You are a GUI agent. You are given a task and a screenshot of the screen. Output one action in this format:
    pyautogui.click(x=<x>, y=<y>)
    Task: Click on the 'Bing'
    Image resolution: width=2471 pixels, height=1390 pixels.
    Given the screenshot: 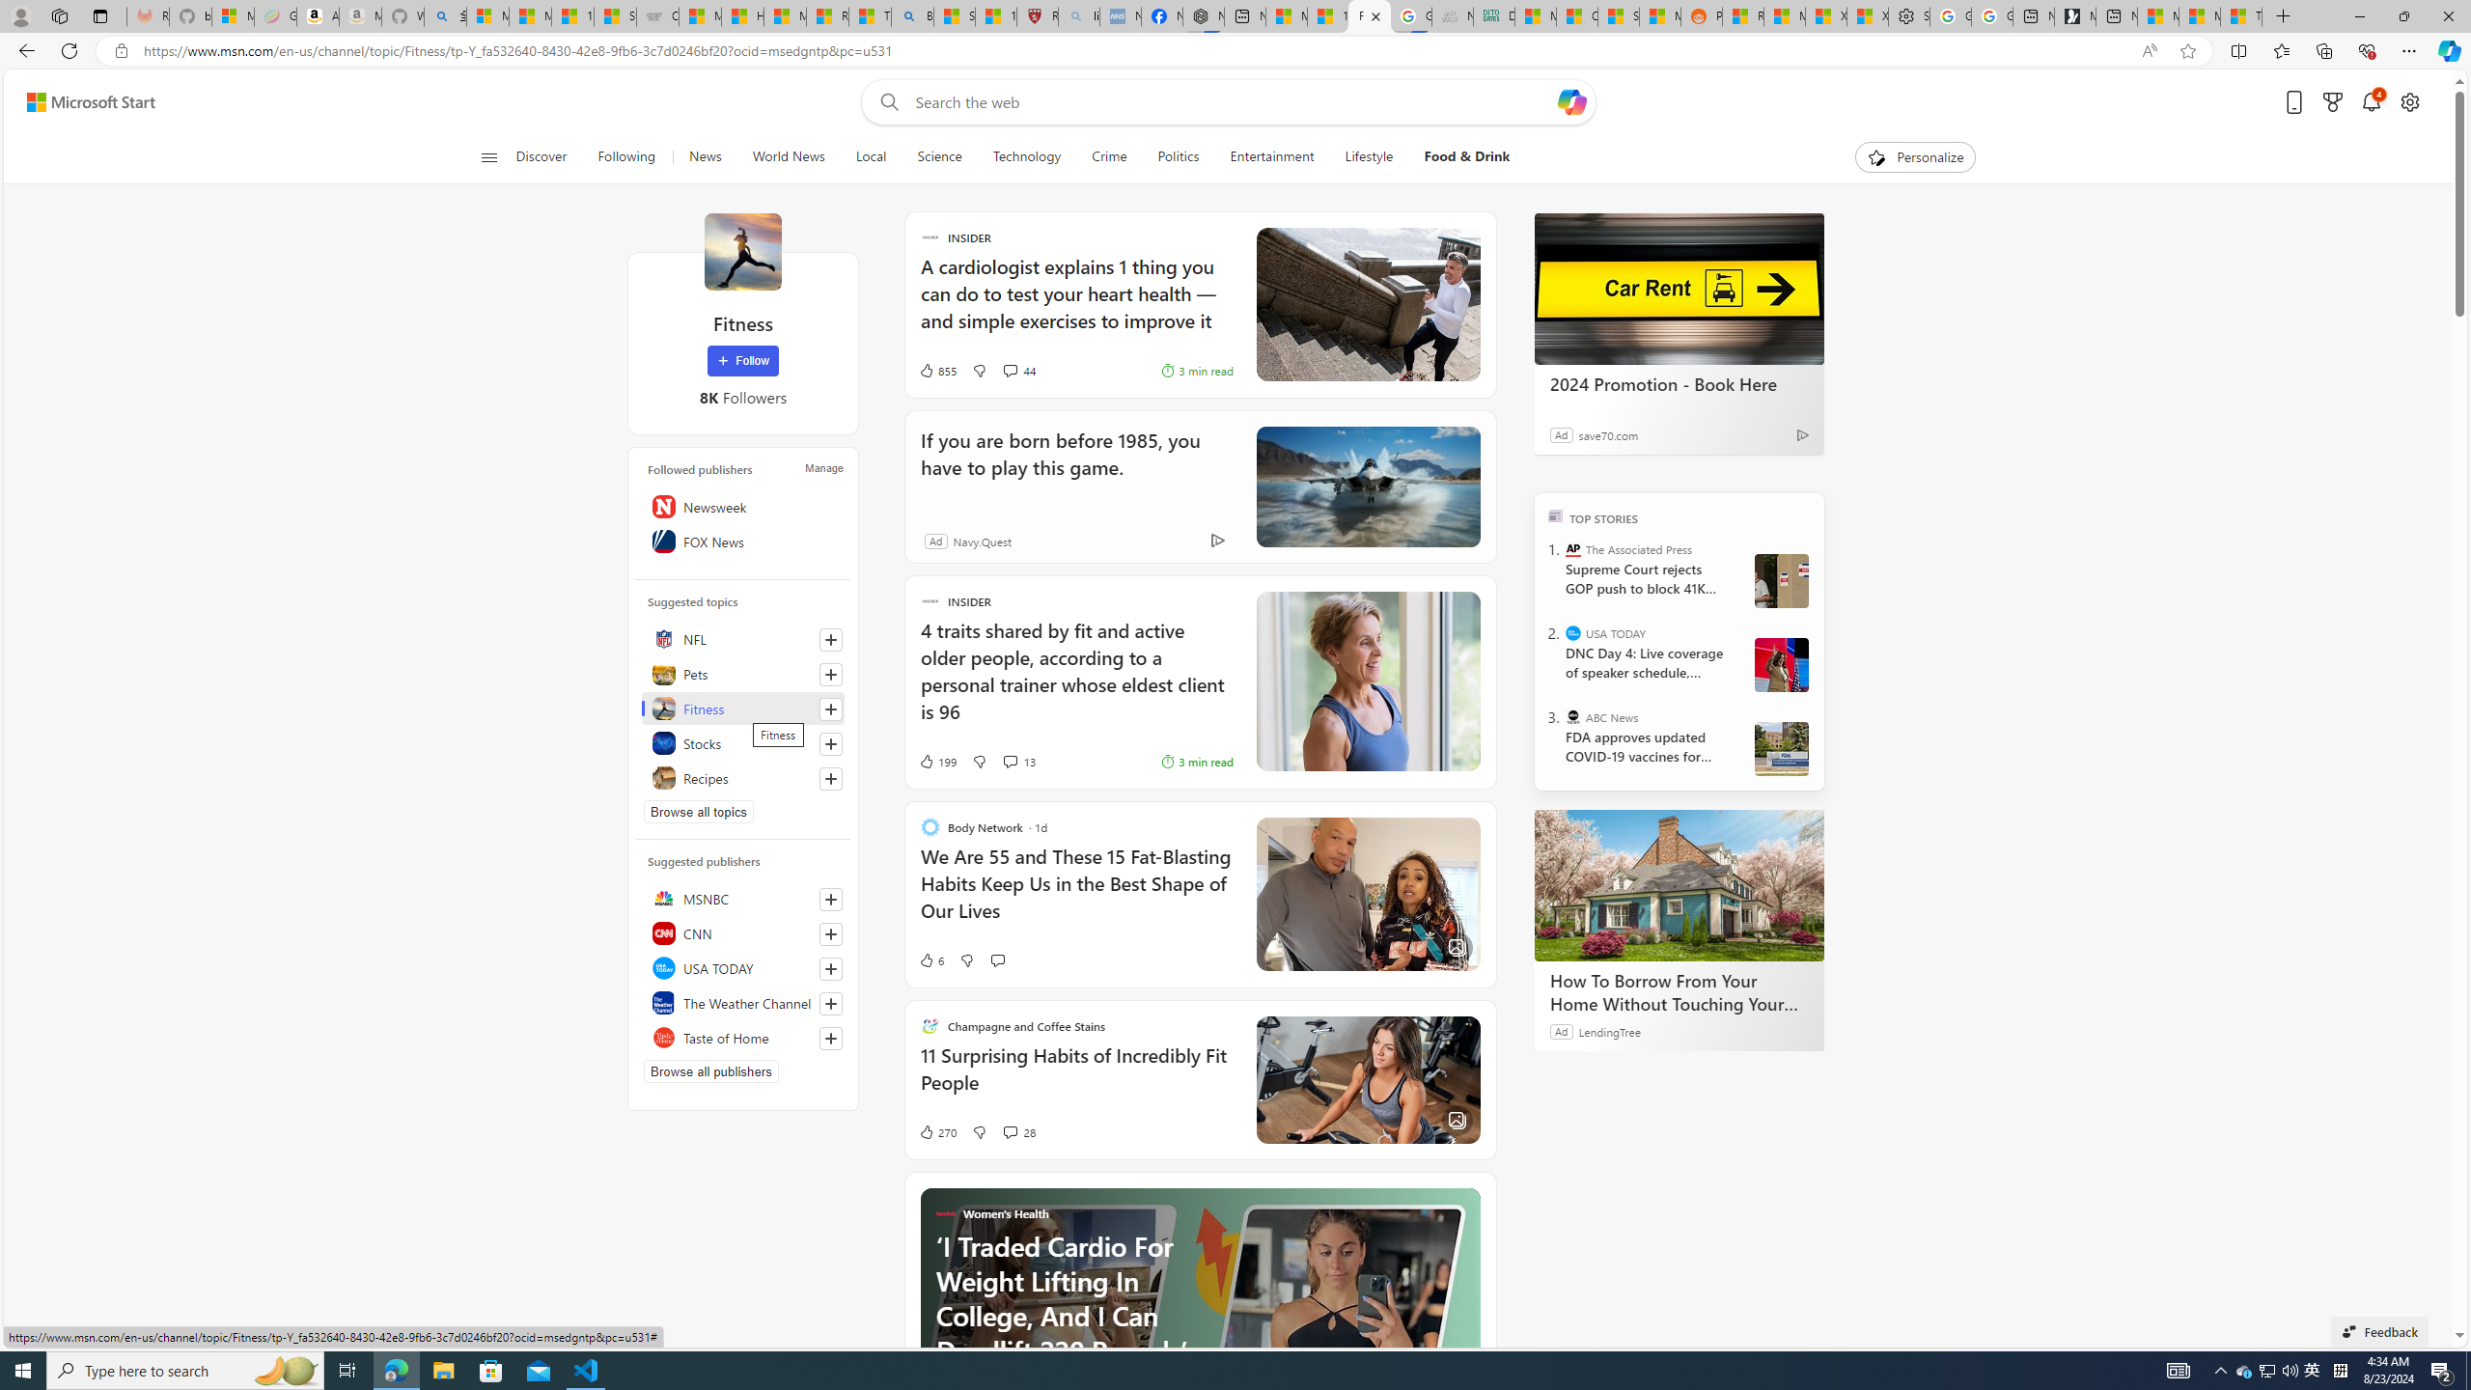 What is the action you would take?
    pyautogui.click(x=910, y=15)
    